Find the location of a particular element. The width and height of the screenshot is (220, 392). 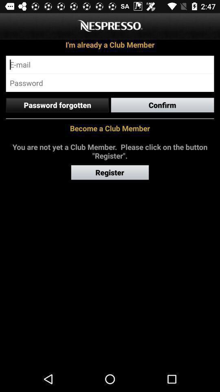

confirm is located at coordinates (163, 105).